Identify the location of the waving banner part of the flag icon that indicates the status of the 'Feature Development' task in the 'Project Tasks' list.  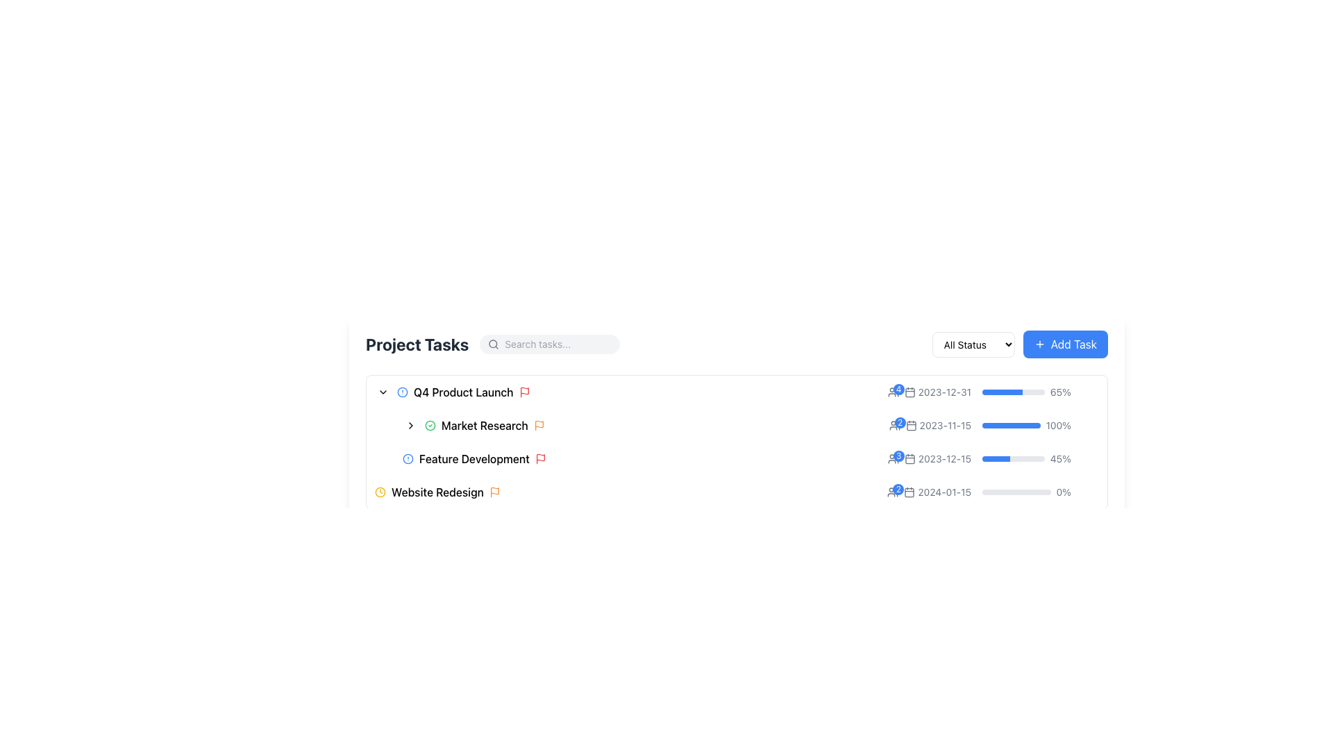
(539, 458).